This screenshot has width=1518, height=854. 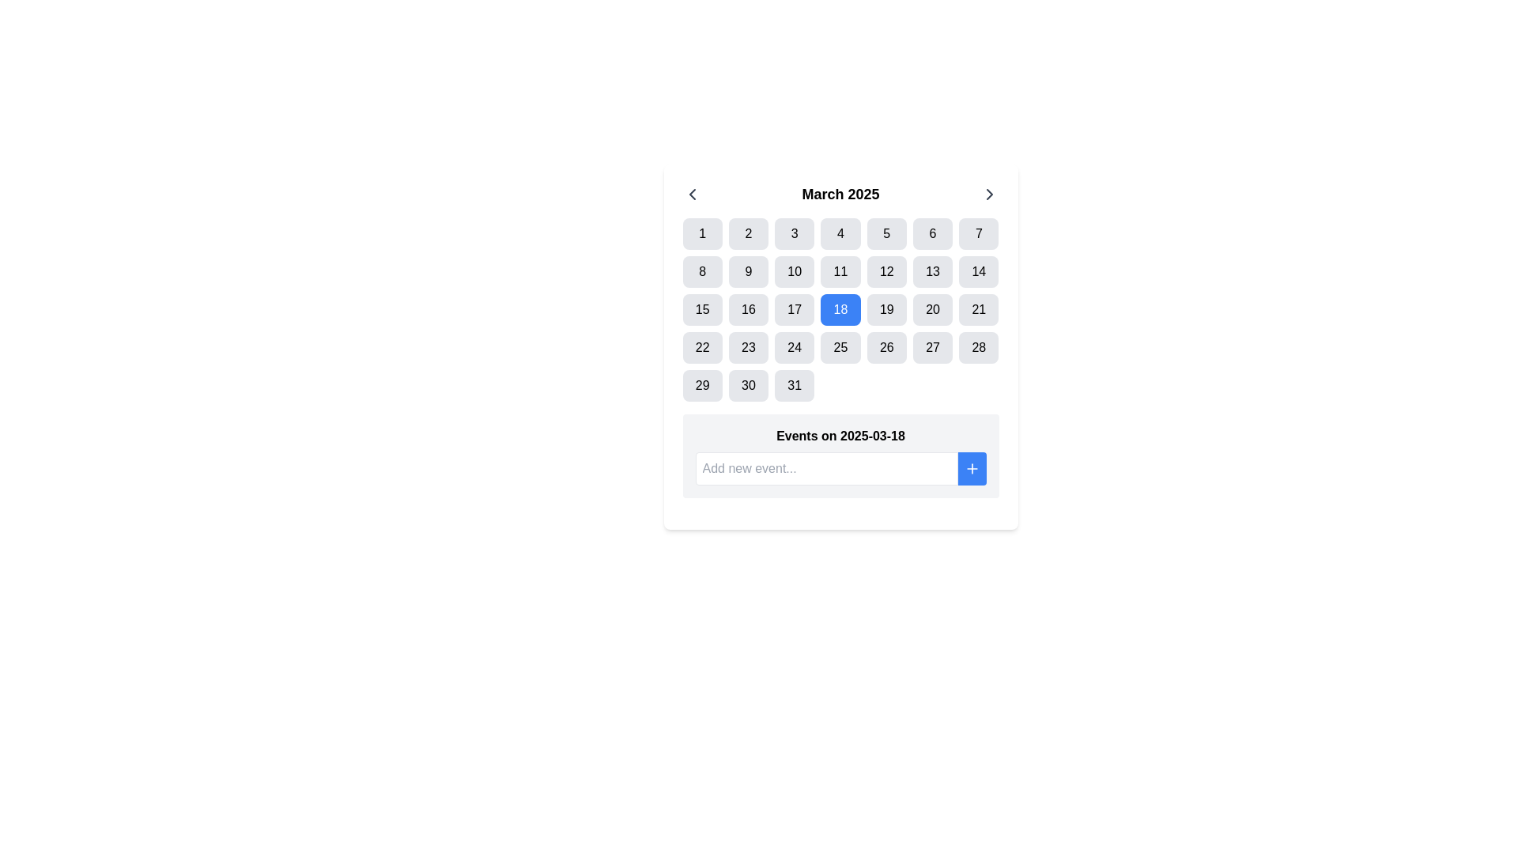 I want to click on the rectangular button with rounded corners labeled '15', so click(x=701, y=310).